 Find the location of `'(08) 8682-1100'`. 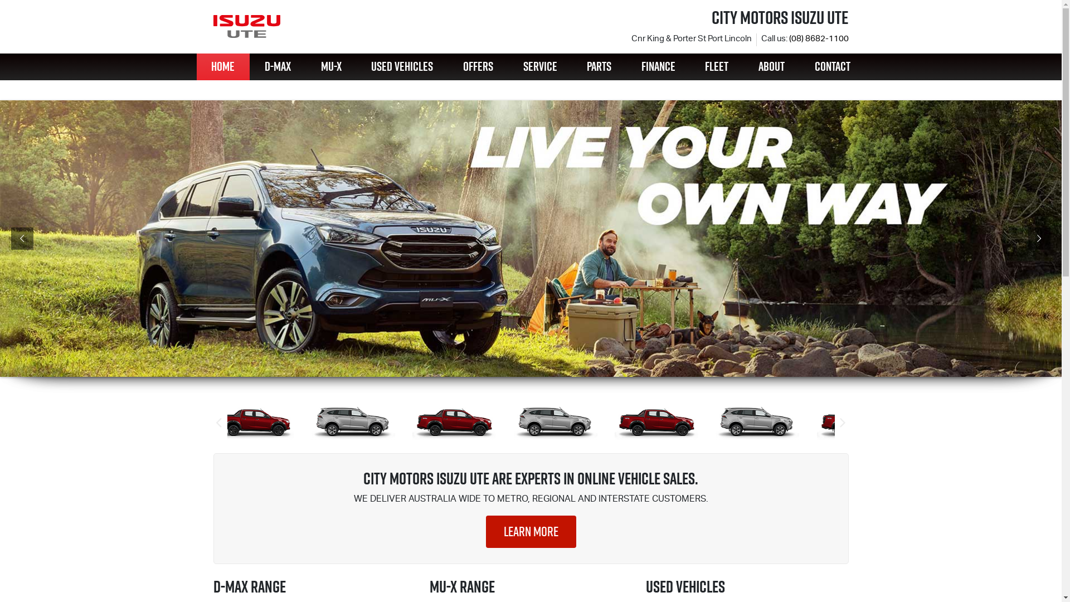

'(08) 8682-1100' is located at coordinates (819, 38).